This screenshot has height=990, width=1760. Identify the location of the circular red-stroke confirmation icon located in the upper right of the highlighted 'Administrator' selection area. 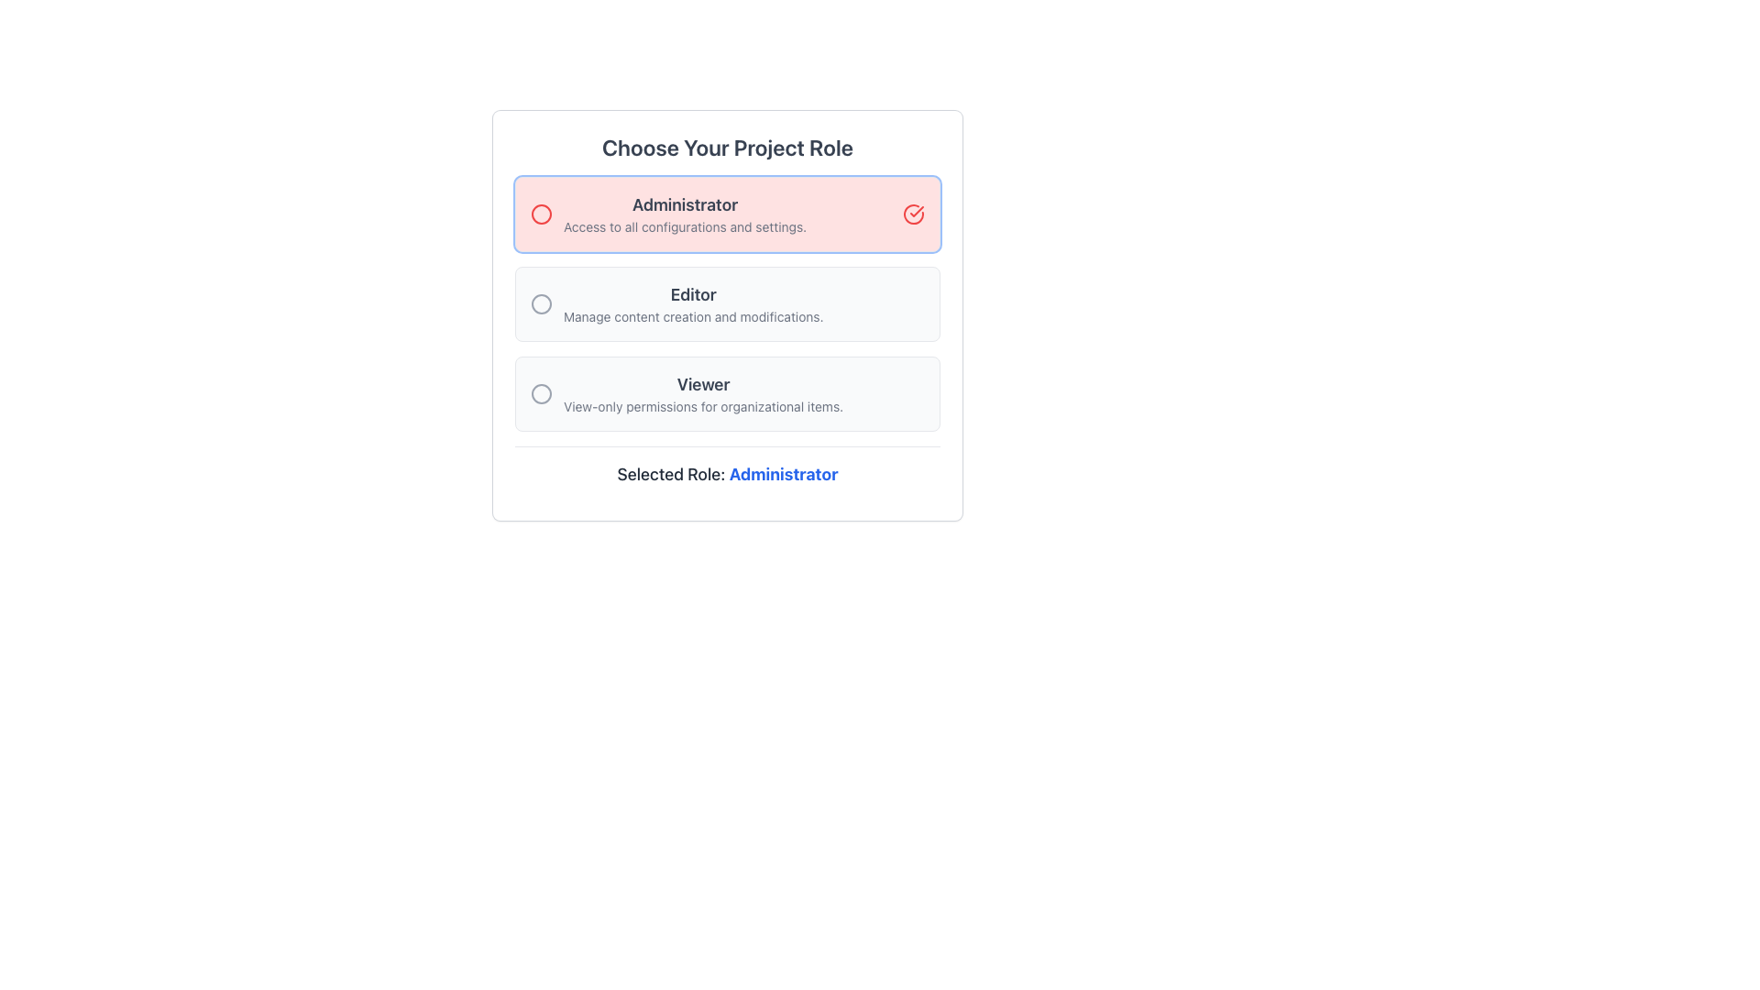
(914, 214).